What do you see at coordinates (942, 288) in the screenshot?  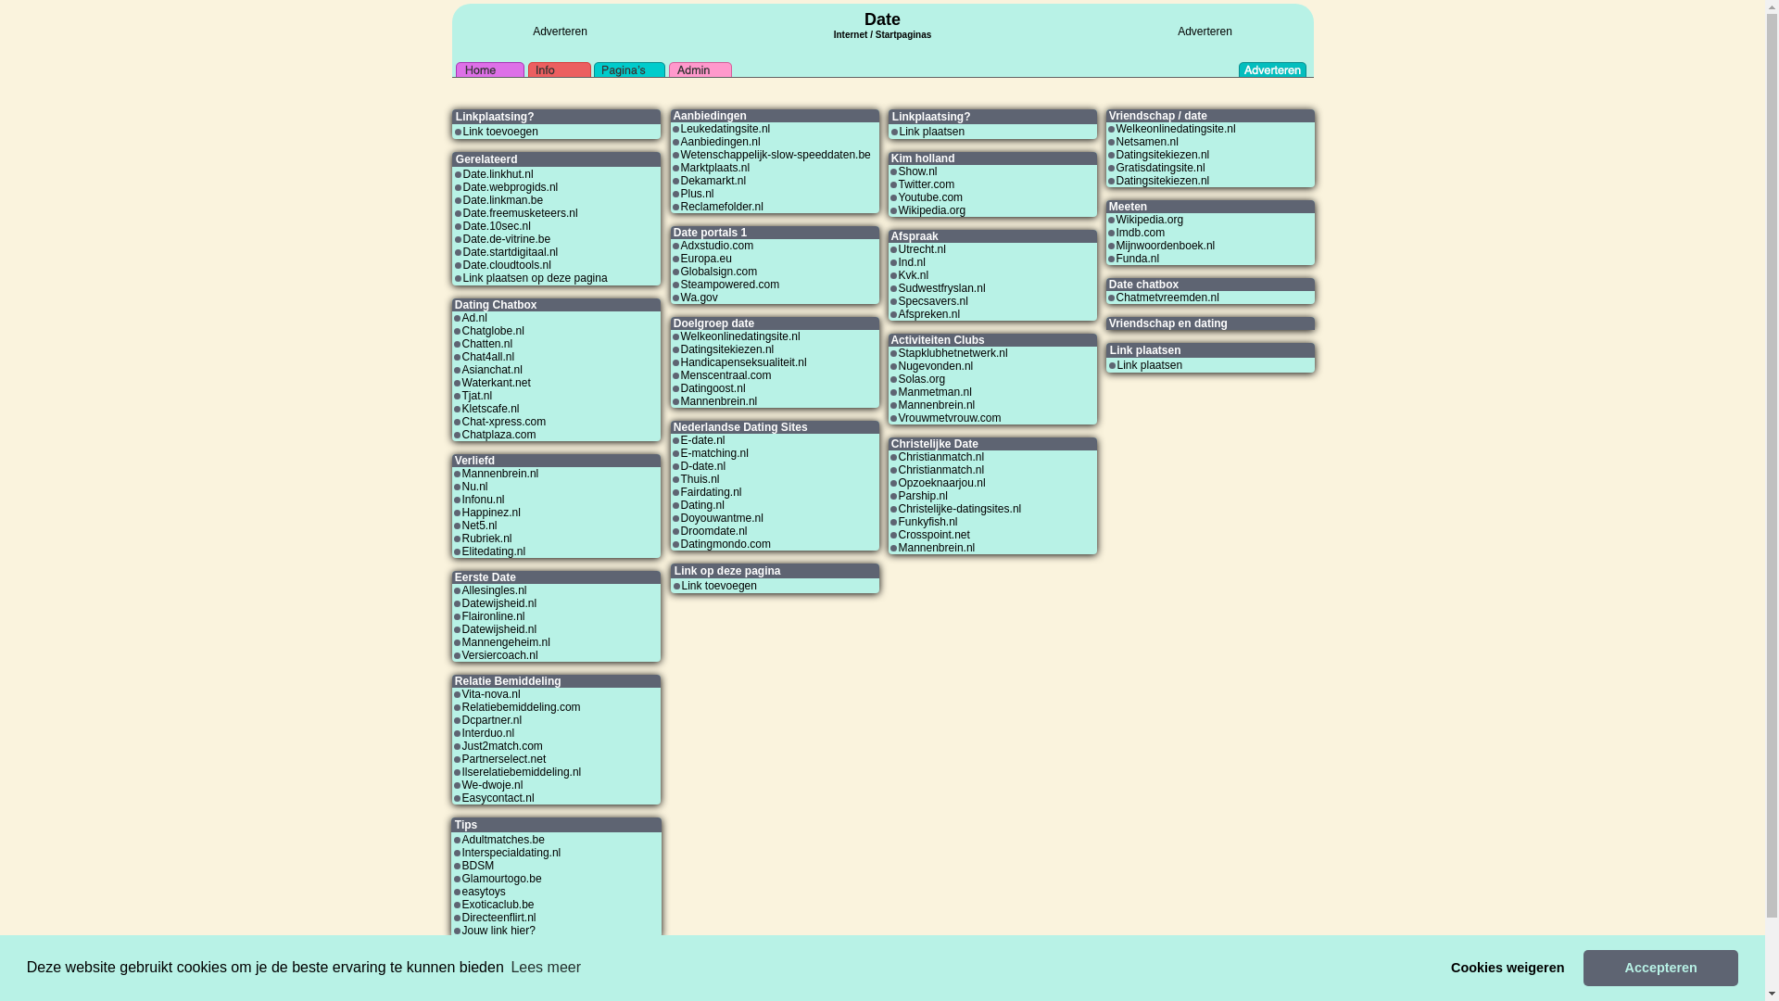 I see `'Sudwestfryslan.nl'` at bounding box center [942, 288].